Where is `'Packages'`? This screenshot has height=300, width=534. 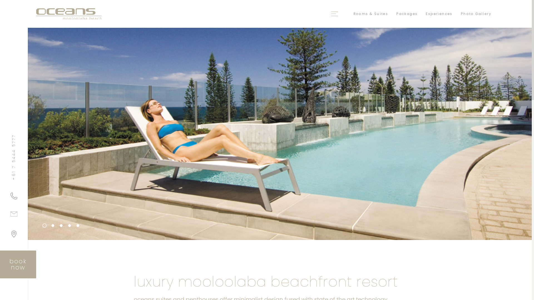 'Packages' is located at coordinates (407, 14).